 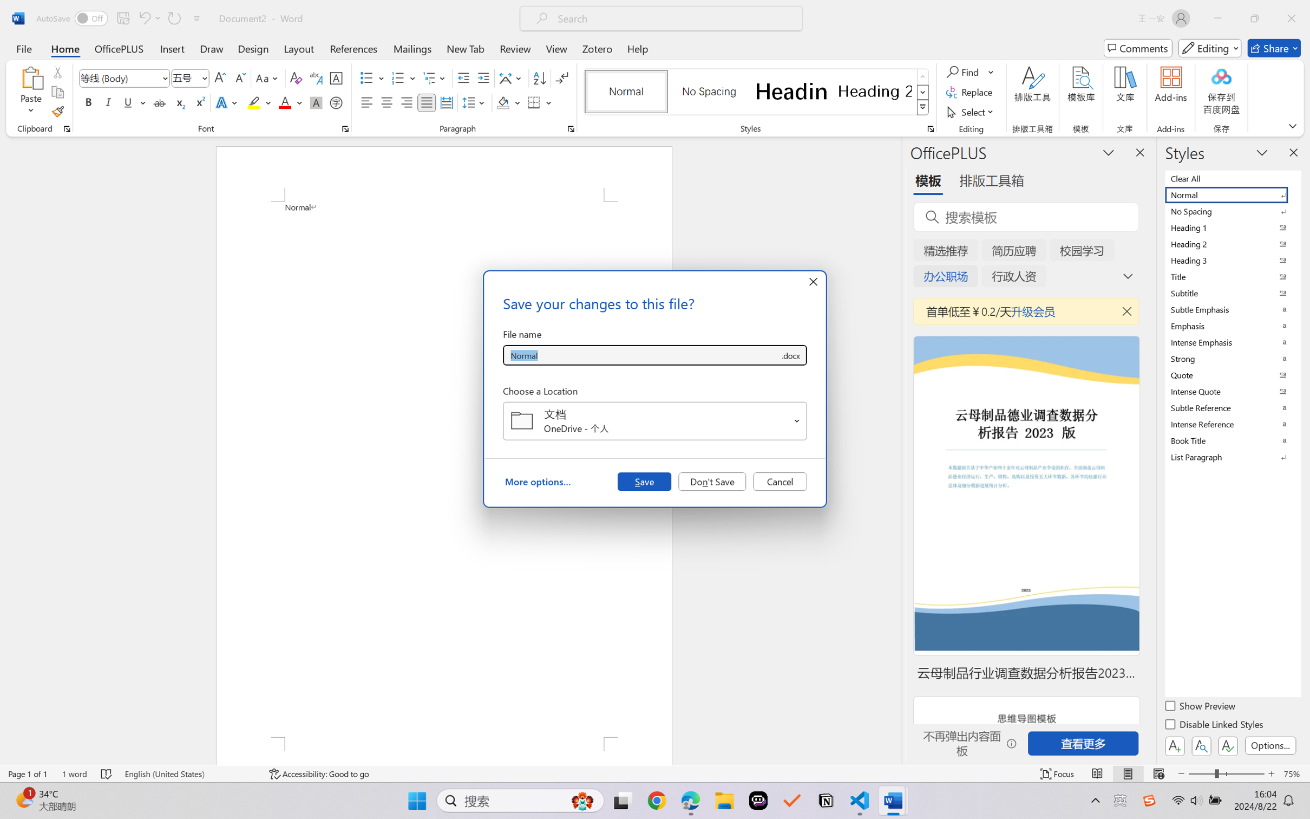 I want to click on 'Mailings', so click(x=412, y=48).